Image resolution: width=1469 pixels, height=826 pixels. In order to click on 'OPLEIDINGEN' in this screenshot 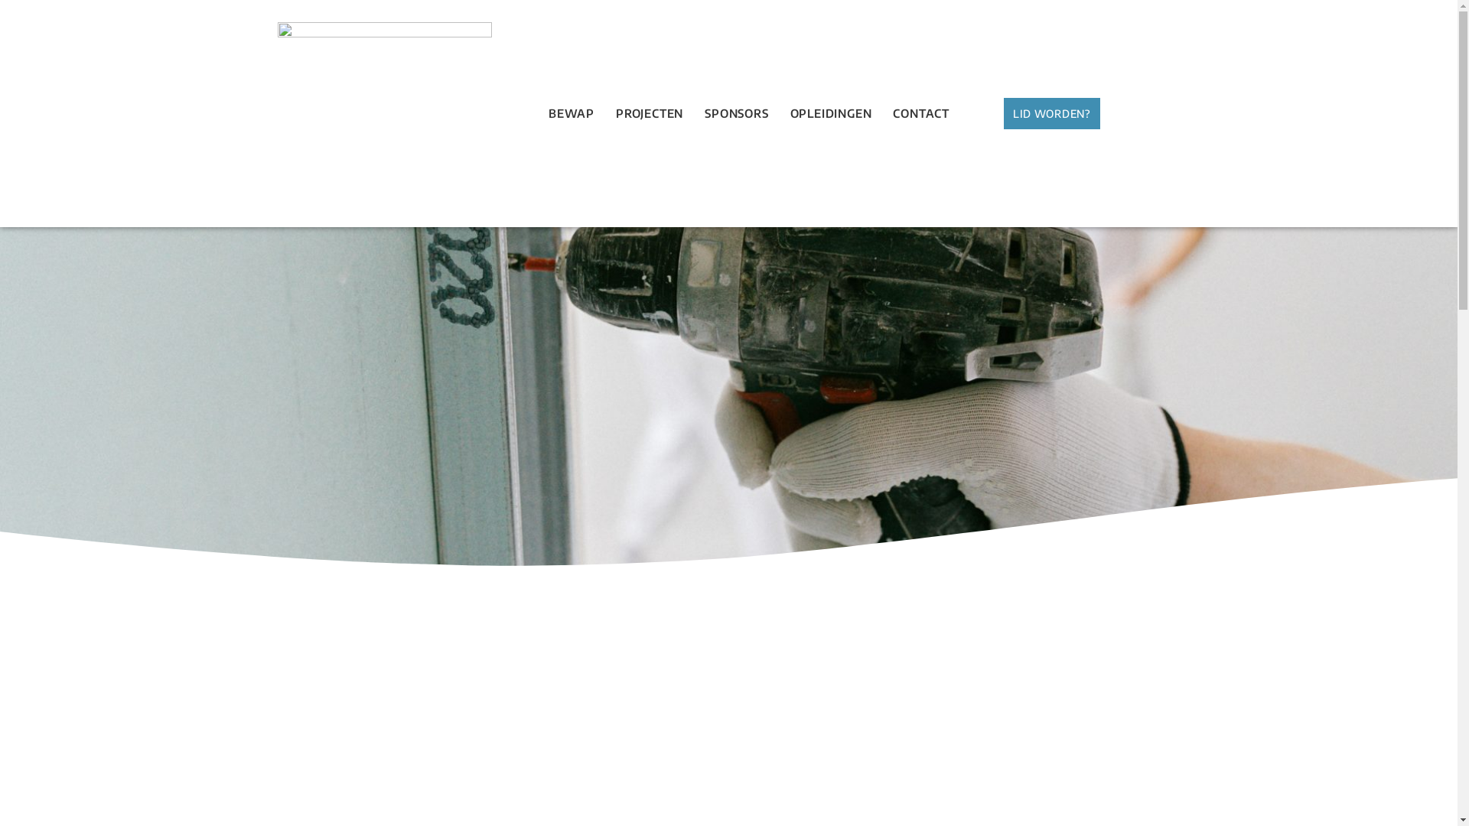, I will do `click(830, 112)`.